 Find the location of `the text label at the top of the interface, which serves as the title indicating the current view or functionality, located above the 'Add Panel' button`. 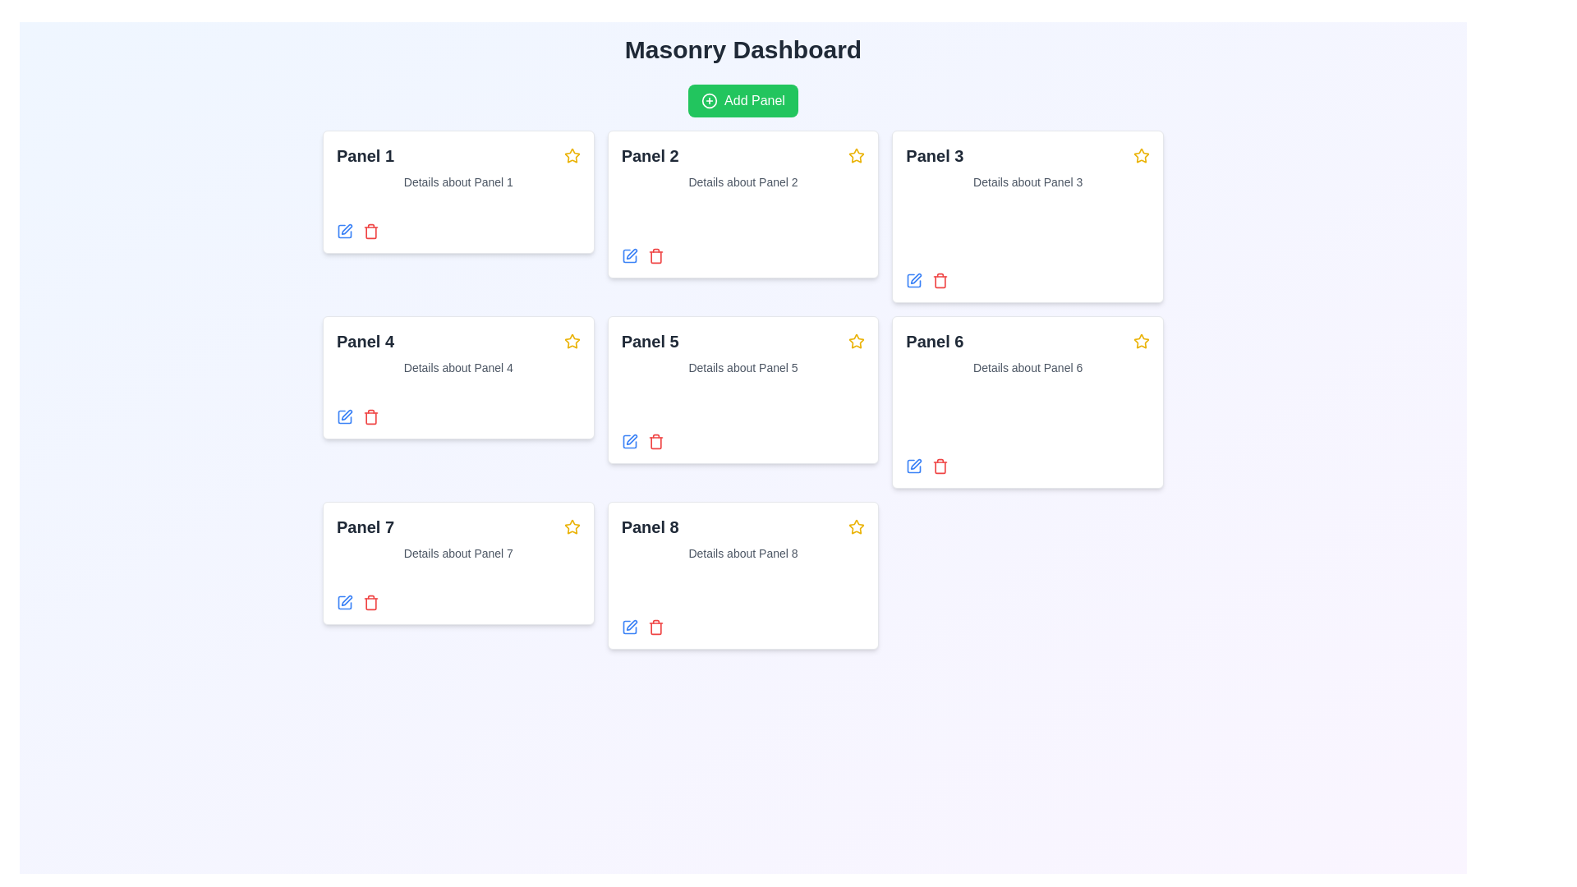

the text label at the top of the interface, which serves as the title indicating the current view or functionality, located above the 'Add Panel' button is located at coordinates (743, 49).